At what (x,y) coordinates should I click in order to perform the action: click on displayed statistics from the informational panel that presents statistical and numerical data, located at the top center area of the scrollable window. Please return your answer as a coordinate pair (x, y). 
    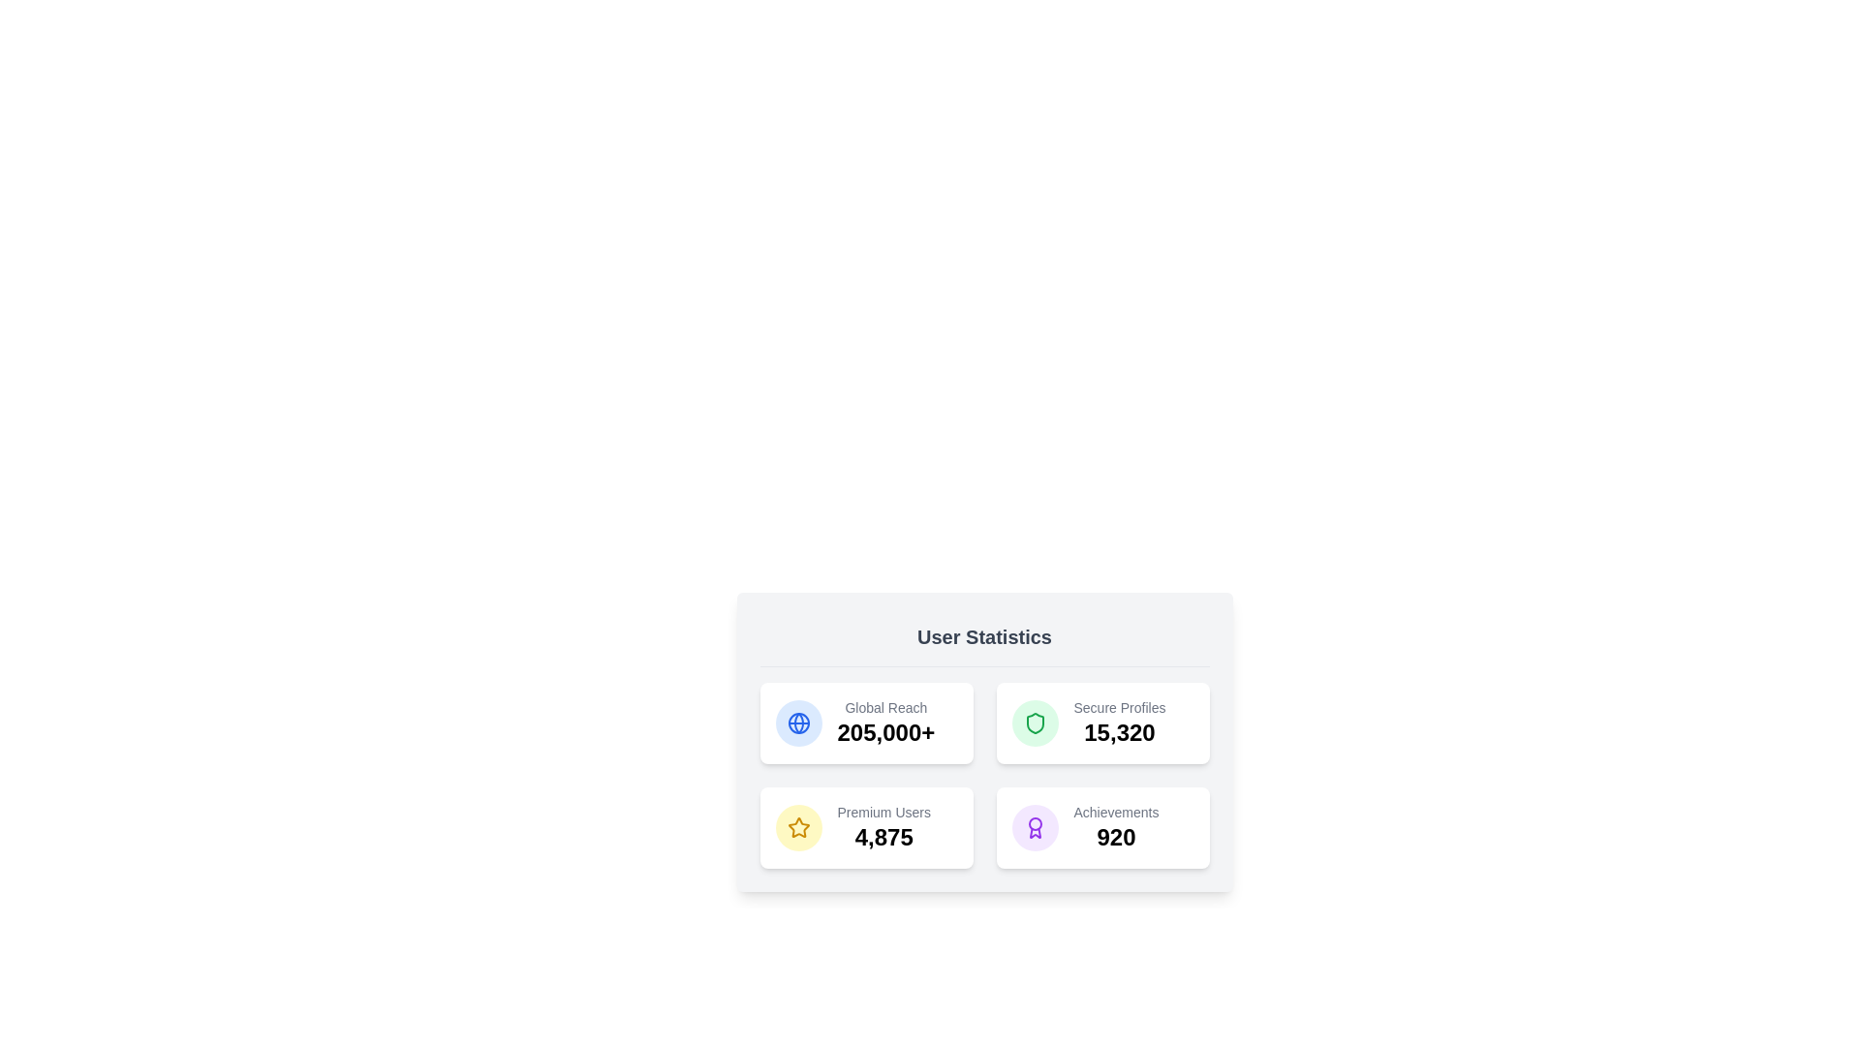
    Looking at the image, I should click on (984, 741).